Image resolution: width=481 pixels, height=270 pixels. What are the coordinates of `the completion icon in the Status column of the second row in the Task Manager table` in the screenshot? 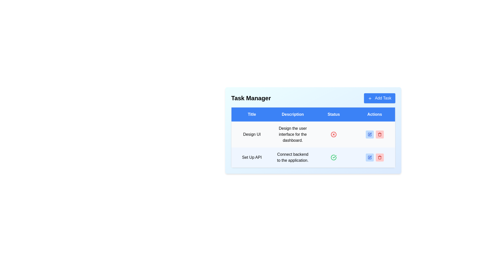 It's located at (333, 157).